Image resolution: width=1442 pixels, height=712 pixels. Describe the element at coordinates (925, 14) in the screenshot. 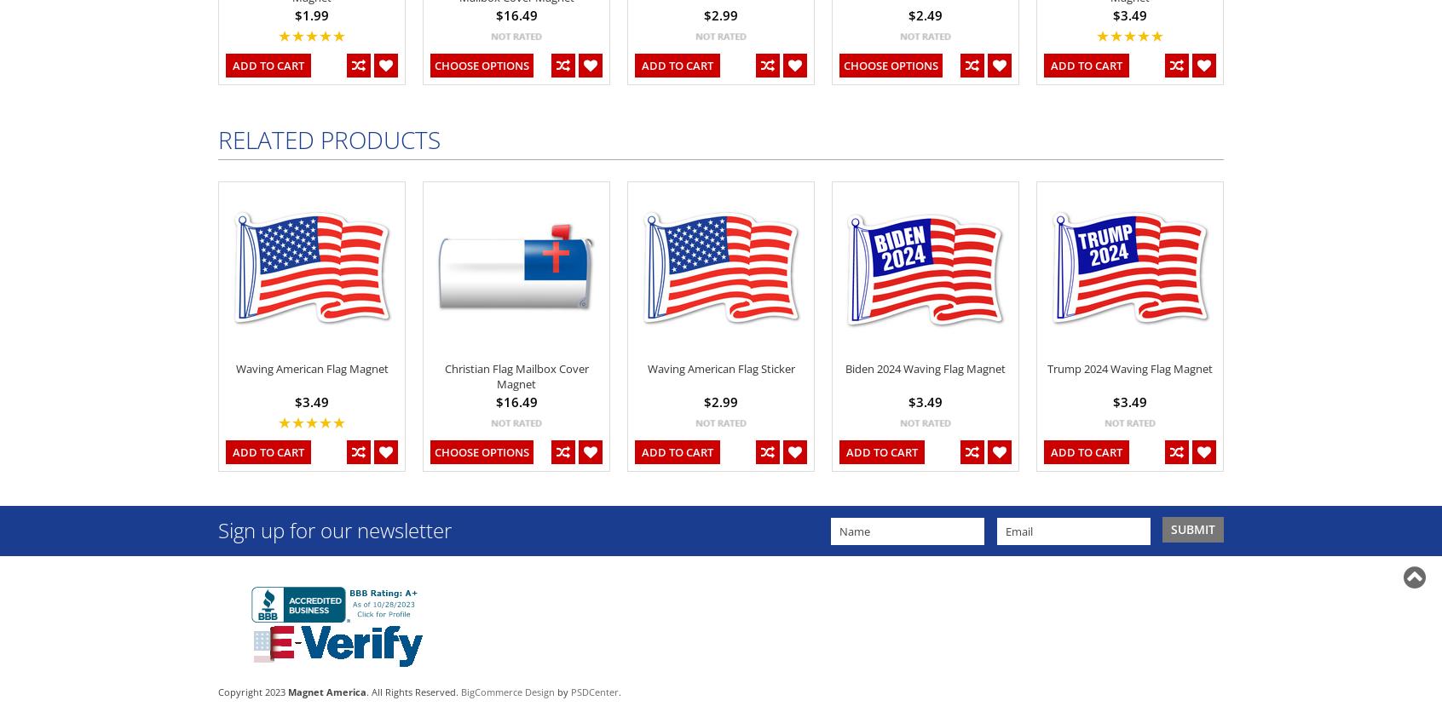

I see `'$2.49'` at that location.